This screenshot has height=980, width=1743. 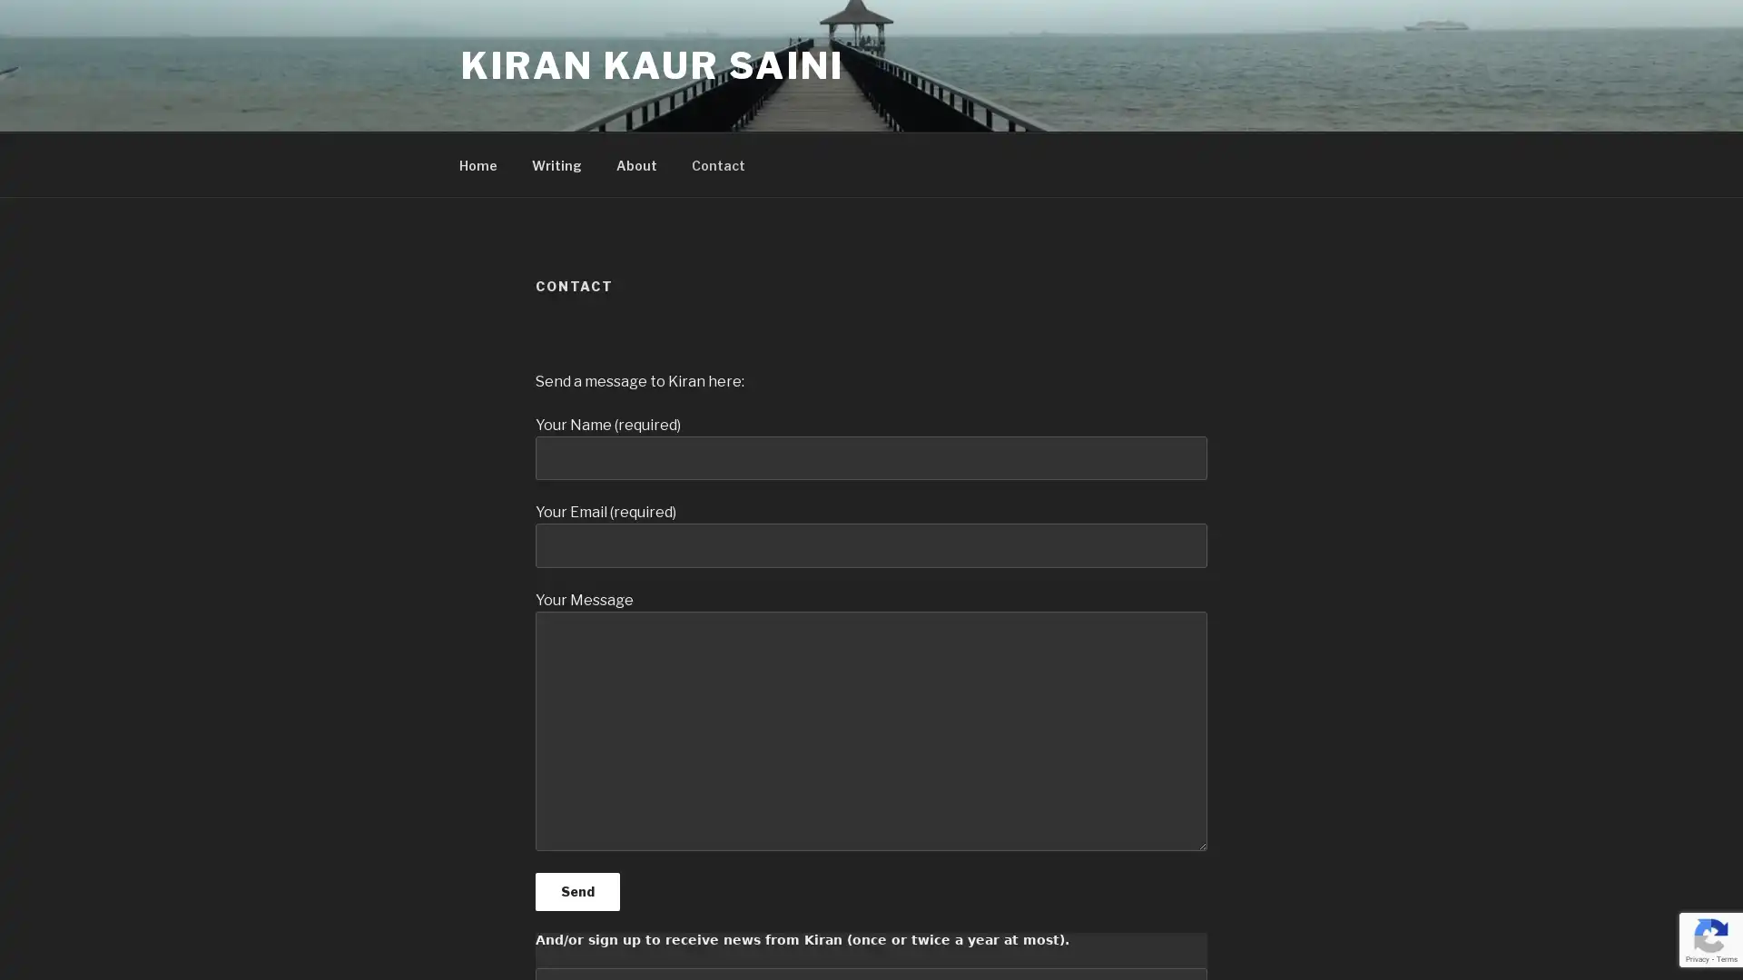 What do you see at coordinates (576, 891) in the screenshot?
I see `Send` at bounding box center [576, 891].